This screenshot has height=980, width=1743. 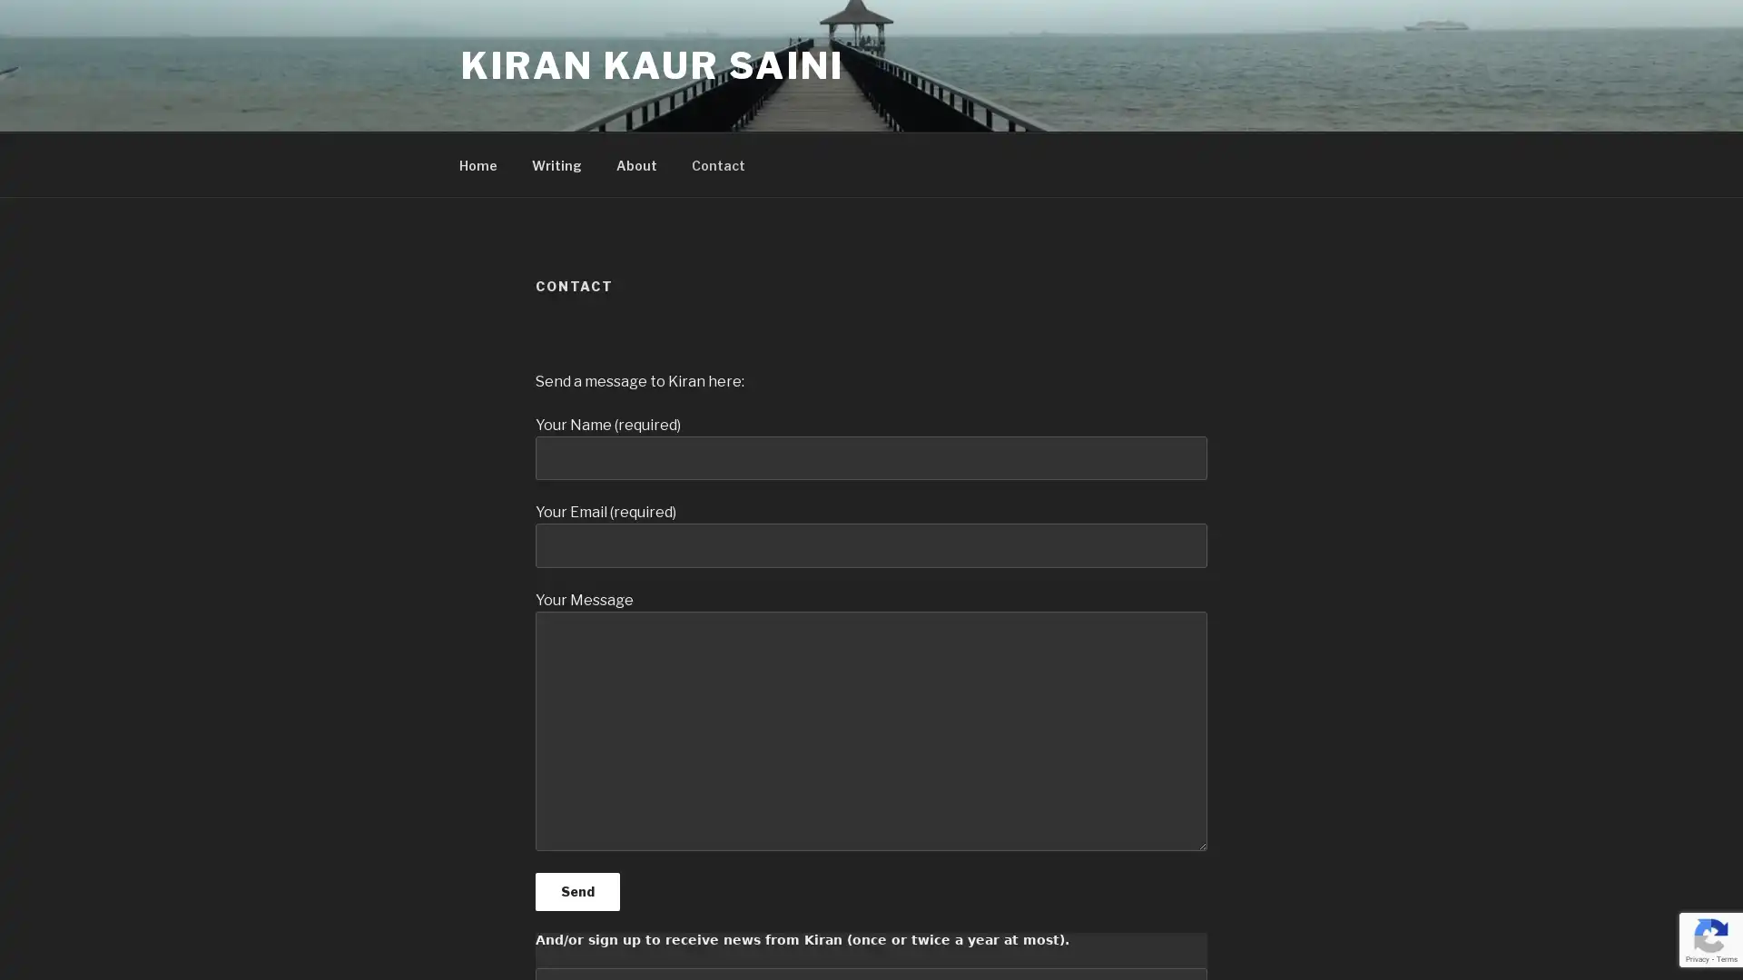 What do you see at coordinates (576, 891) in the screenshot?
I see `Send` at bounding box center [576, 891].